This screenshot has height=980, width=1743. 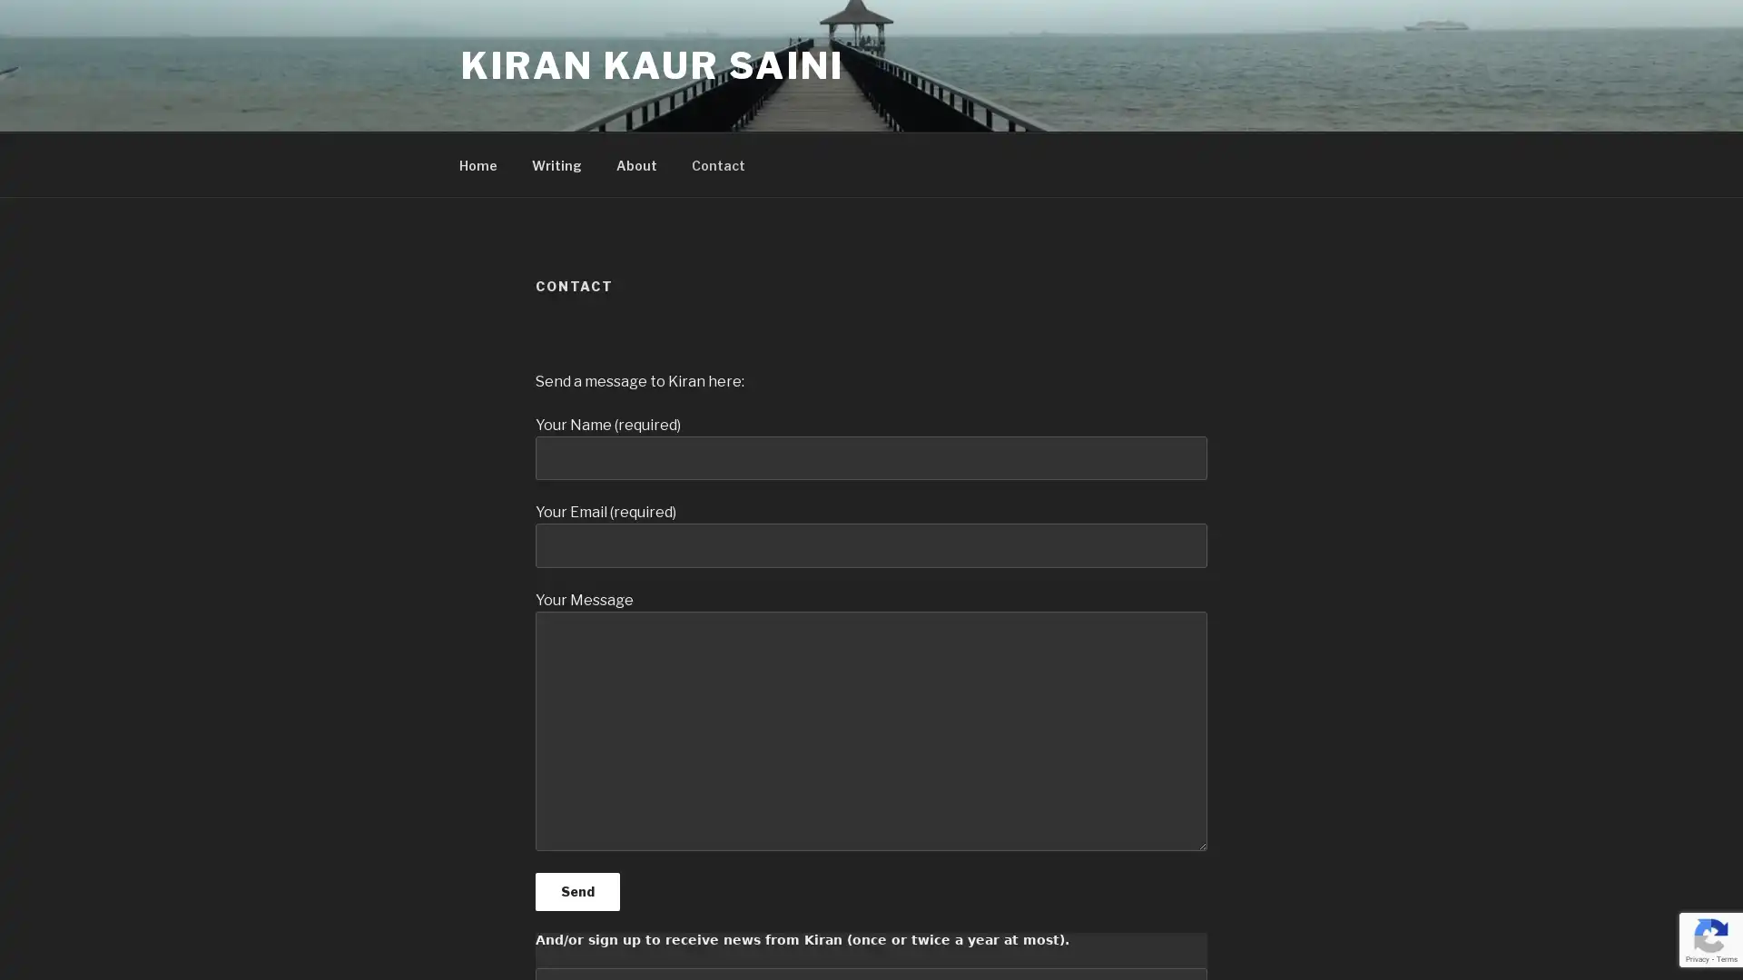 What do you see at coordinates (576, 891) in the screenshot?
I see `Send` at bounding box center [576, 891].